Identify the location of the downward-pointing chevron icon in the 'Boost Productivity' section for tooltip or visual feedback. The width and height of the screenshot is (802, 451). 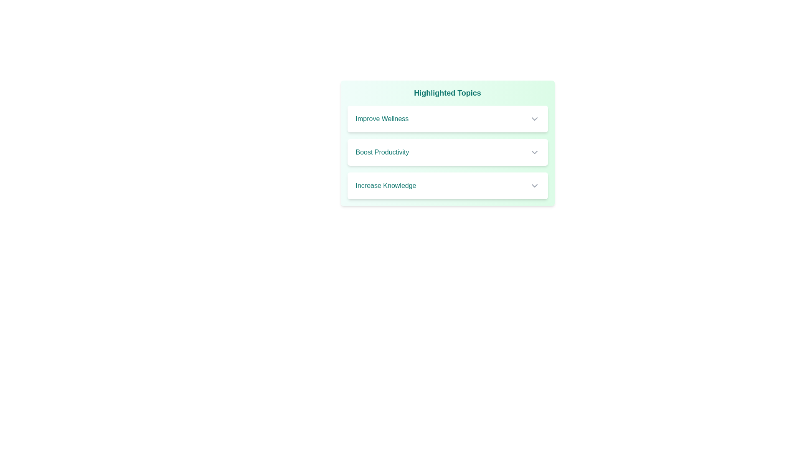
(534, 152).